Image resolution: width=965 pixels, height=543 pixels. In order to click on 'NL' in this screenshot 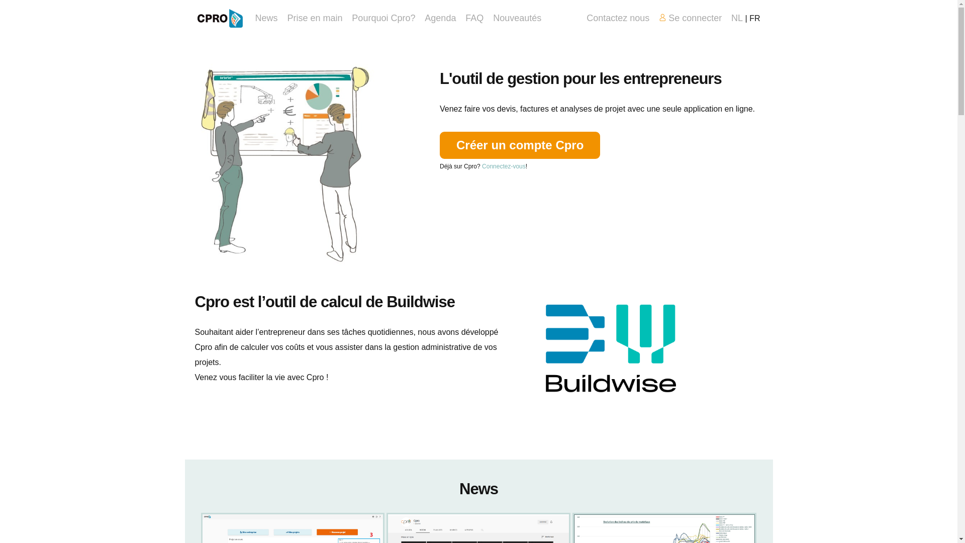, I will do `click(737, 18)`.